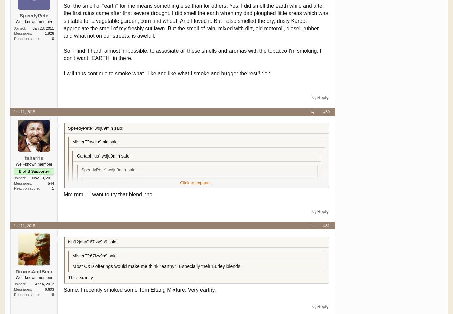 The width and height of the screenshot is (453, 314). I want to click on 'fsu92john":67lzv9h9 said:', so click(68, 241).